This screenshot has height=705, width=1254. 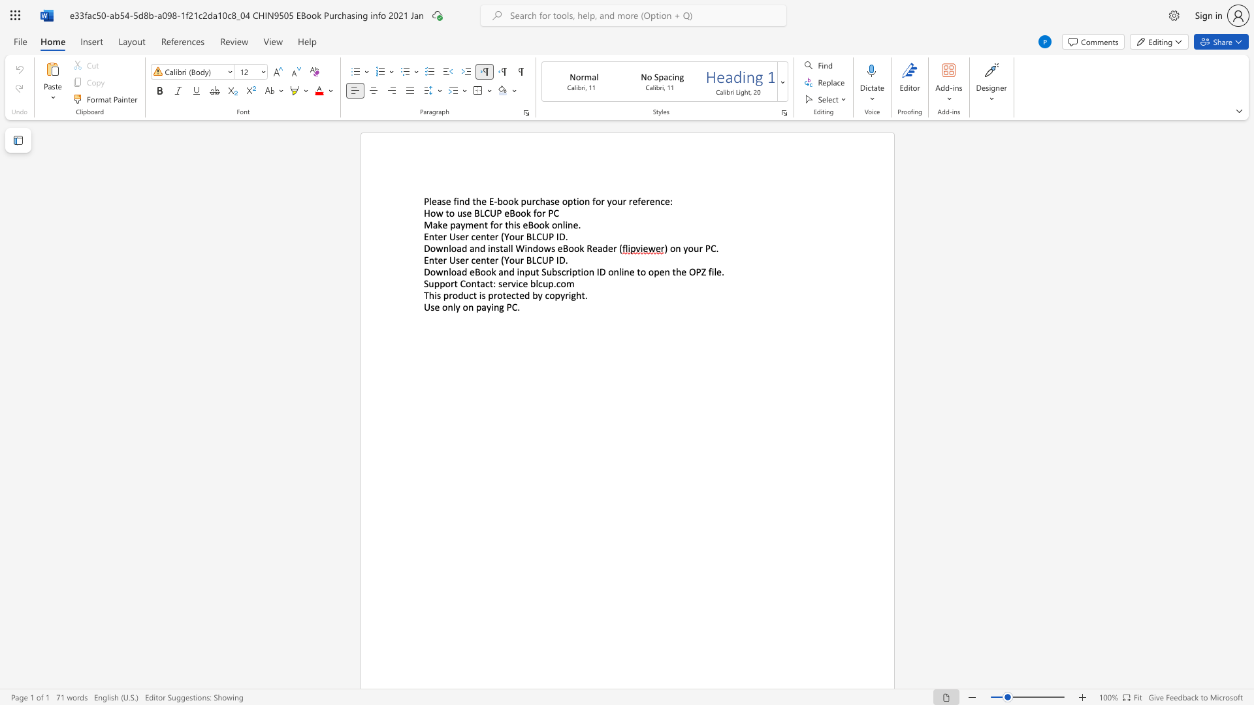 I want to click on the subset text "o use B" within the text "How to use BLCUP eBook for PC", so click(x=449, y=212).